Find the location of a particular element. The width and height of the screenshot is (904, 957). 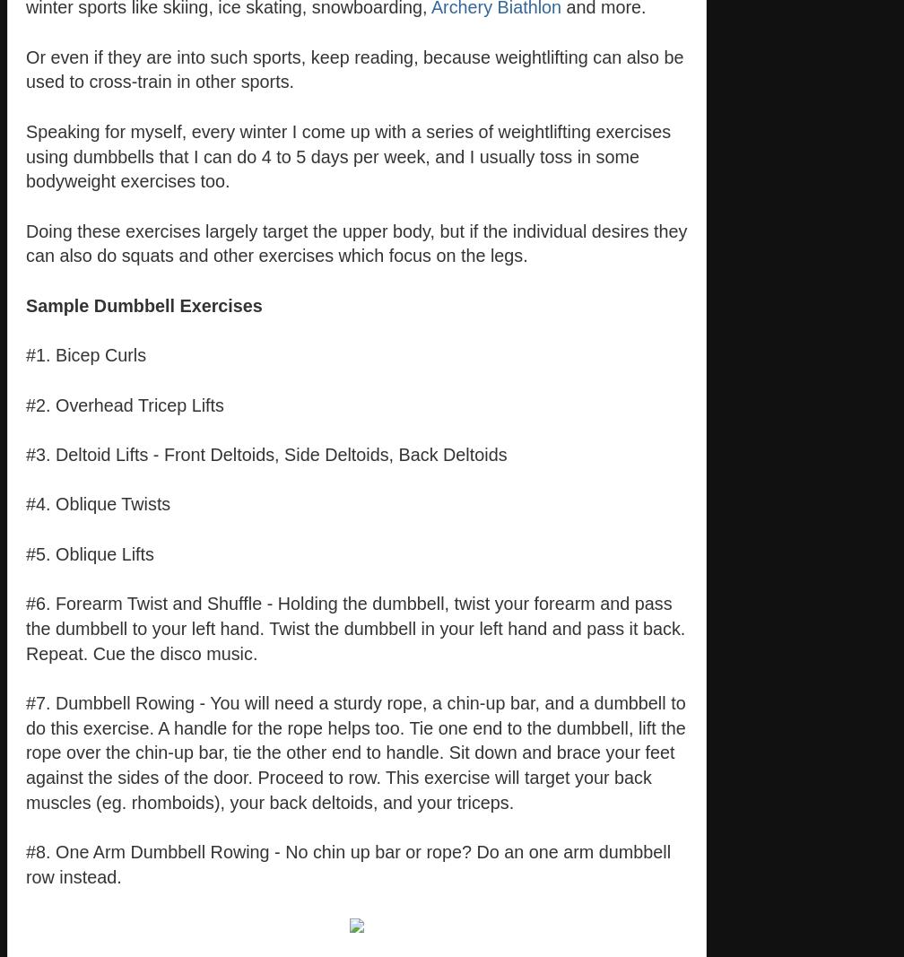

'Doing these exercises largely target the upper body, but if the individual desires they can also do squats and other exercises which focus on the legs.' is located at coordinates (26, 243).